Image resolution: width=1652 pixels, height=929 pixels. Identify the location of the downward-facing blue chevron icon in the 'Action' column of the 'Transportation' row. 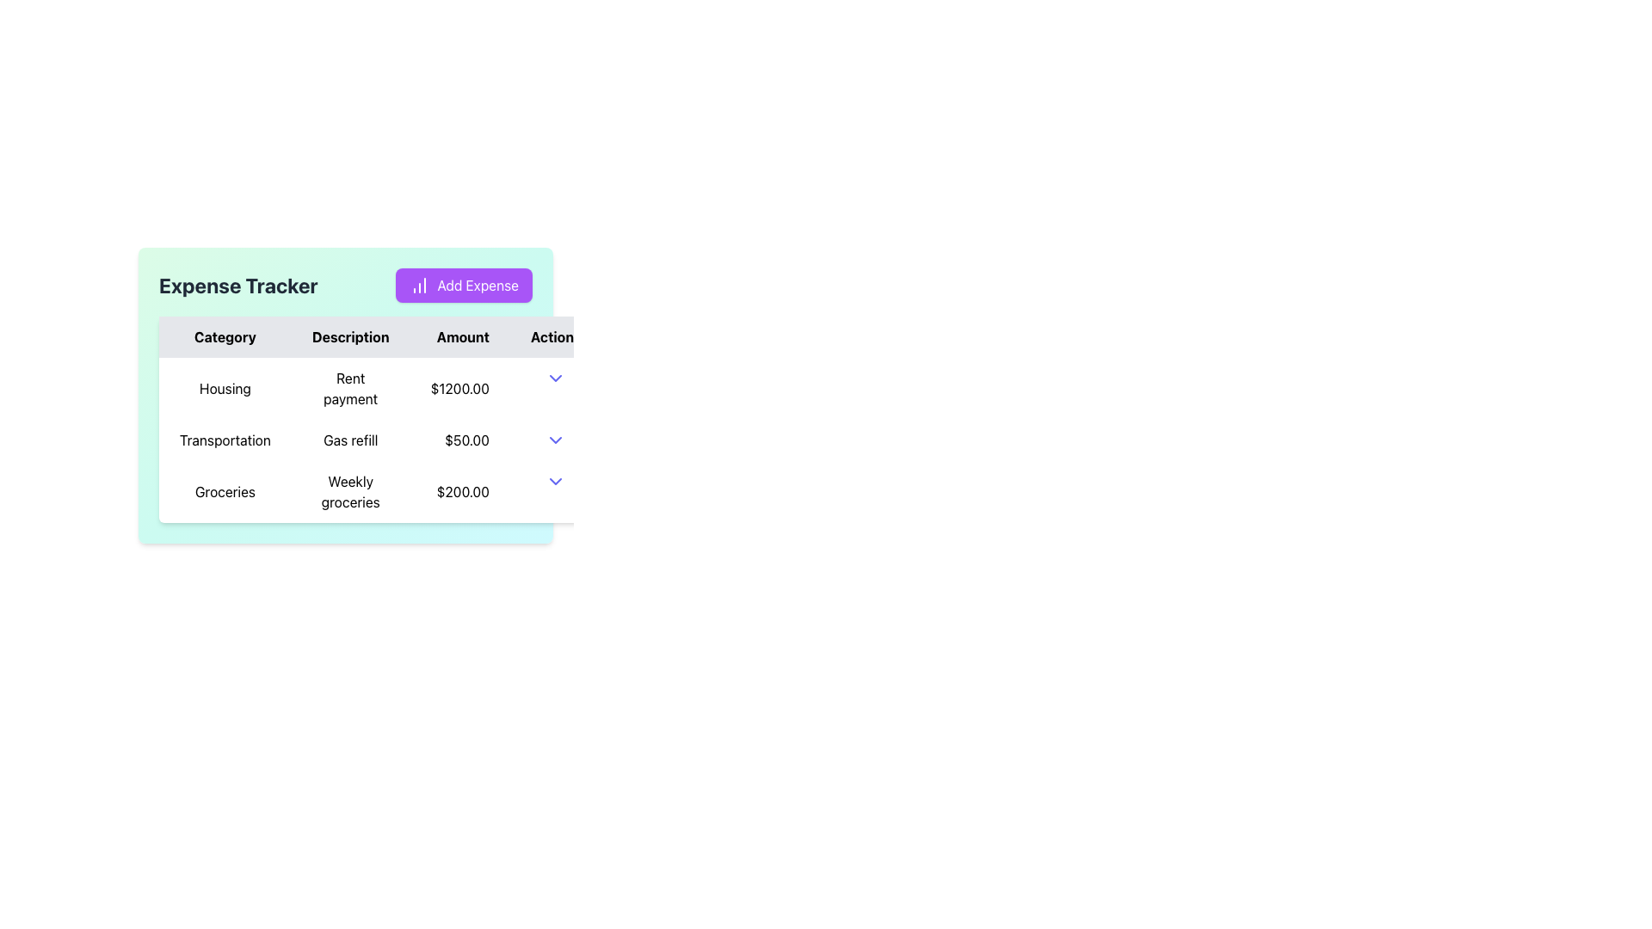
(556, 440).